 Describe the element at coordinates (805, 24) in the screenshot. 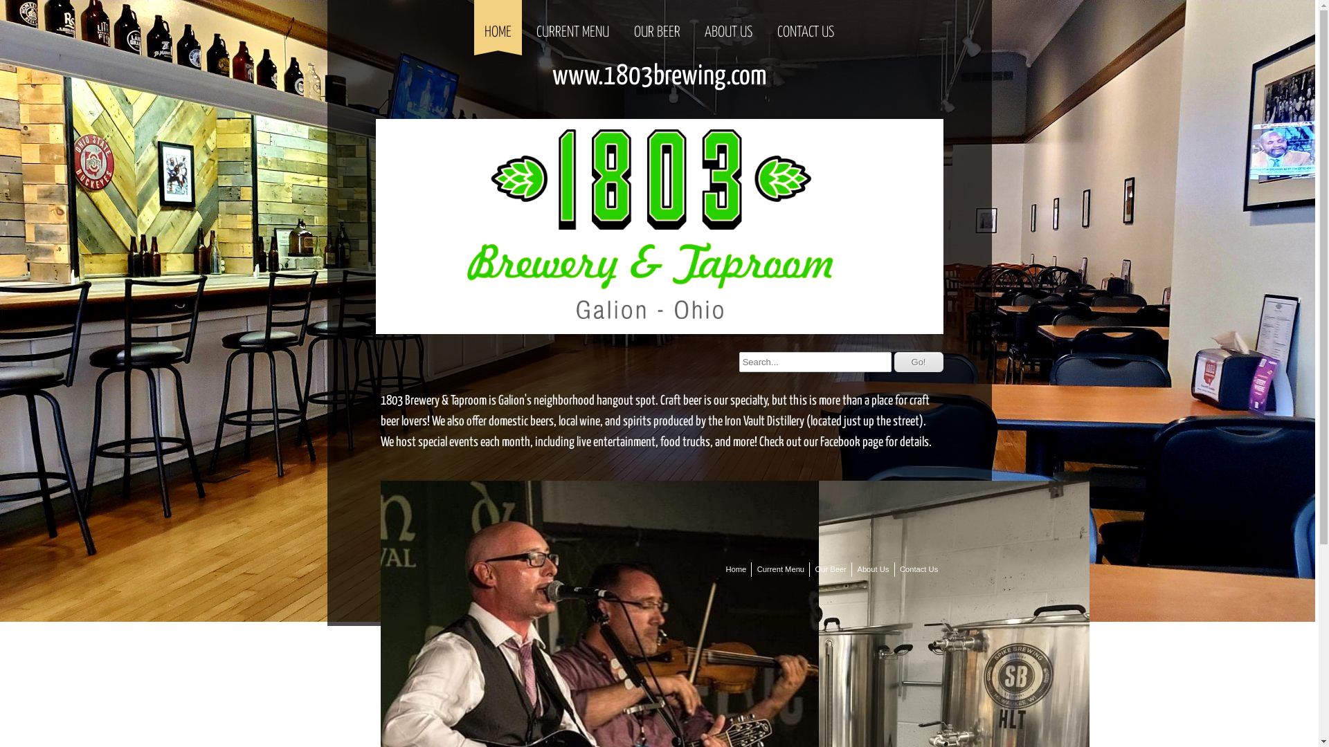

I see `'CONTACT US'` at that location.